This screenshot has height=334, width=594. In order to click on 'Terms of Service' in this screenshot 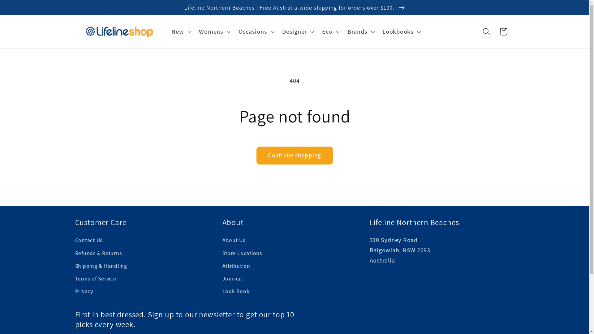, I will do `click(95, 279)`.